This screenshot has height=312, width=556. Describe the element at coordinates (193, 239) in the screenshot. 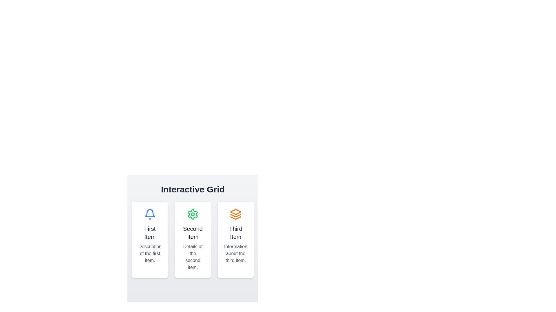

I see `the second card in the Interactive Grid, which displays a green gear icon, labeled 'Second Item' with the description 'Details of the second item.'` at that location.